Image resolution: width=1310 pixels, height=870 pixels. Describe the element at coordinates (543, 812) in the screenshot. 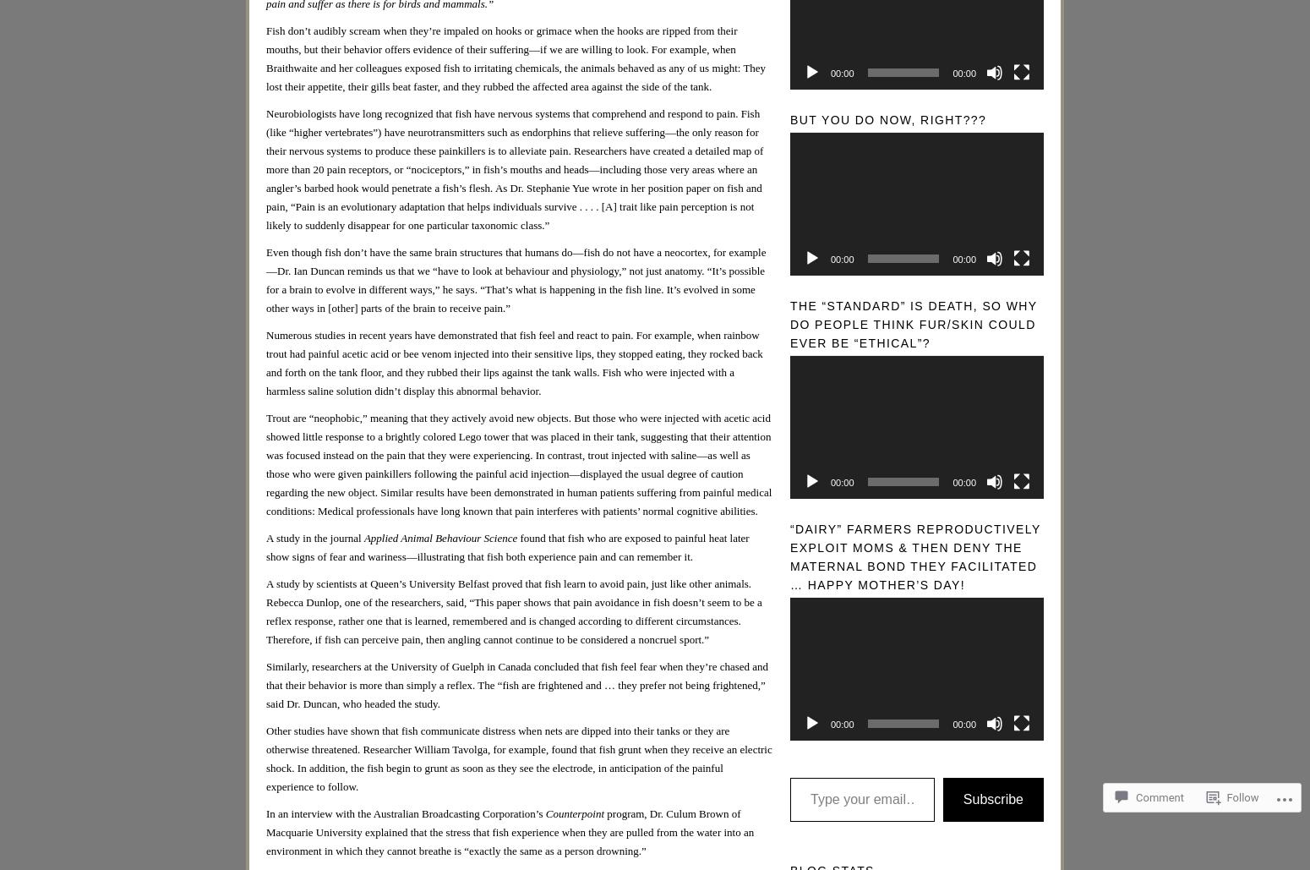

I see `'Counterpoint'` at that location.